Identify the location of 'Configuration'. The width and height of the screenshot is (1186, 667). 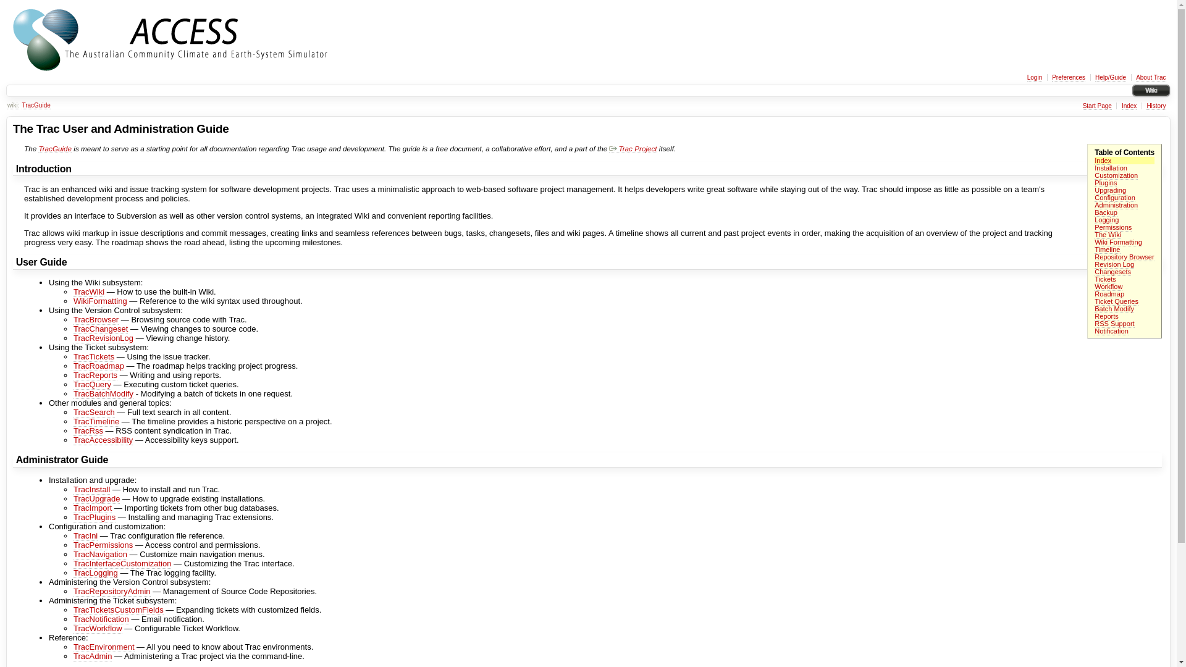
(1094, 197).